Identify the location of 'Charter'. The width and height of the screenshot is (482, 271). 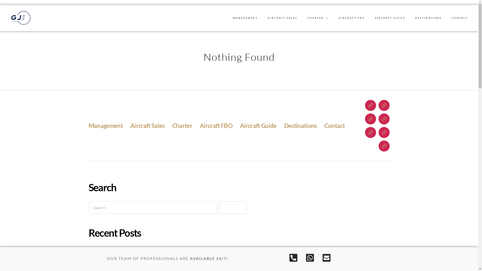
(182, 125).